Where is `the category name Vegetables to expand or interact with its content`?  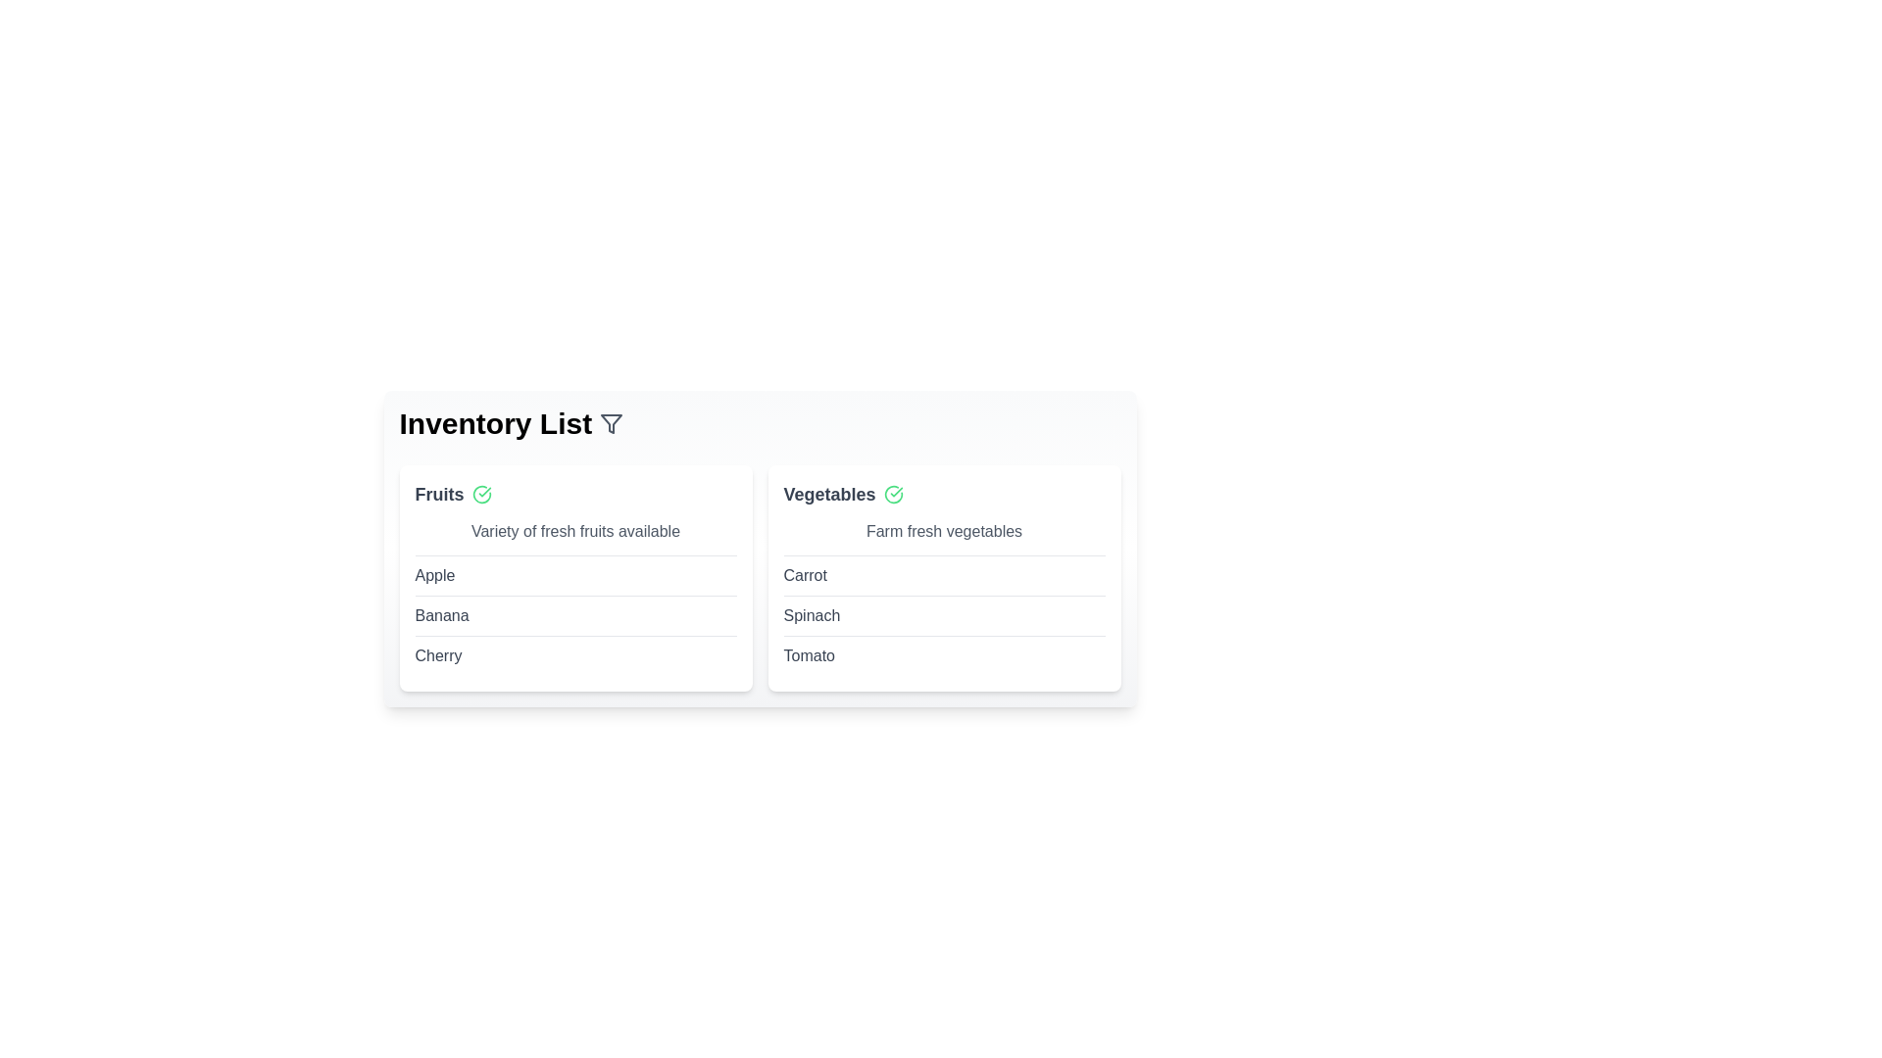 the category name Vegetables to expand or interact with its content is located at coordinates (944, 494).